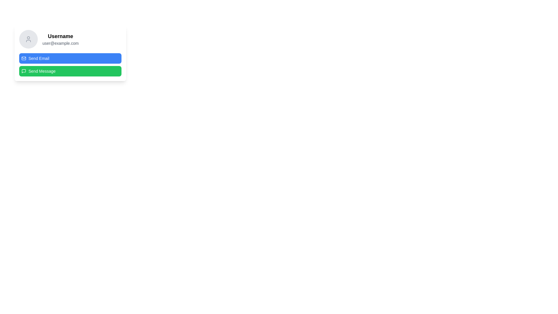  I want to click on the button labeled 'Send Email' which is styled with white text on a blue background, positioned centrally within its rectangular button component, so click(38, 58).